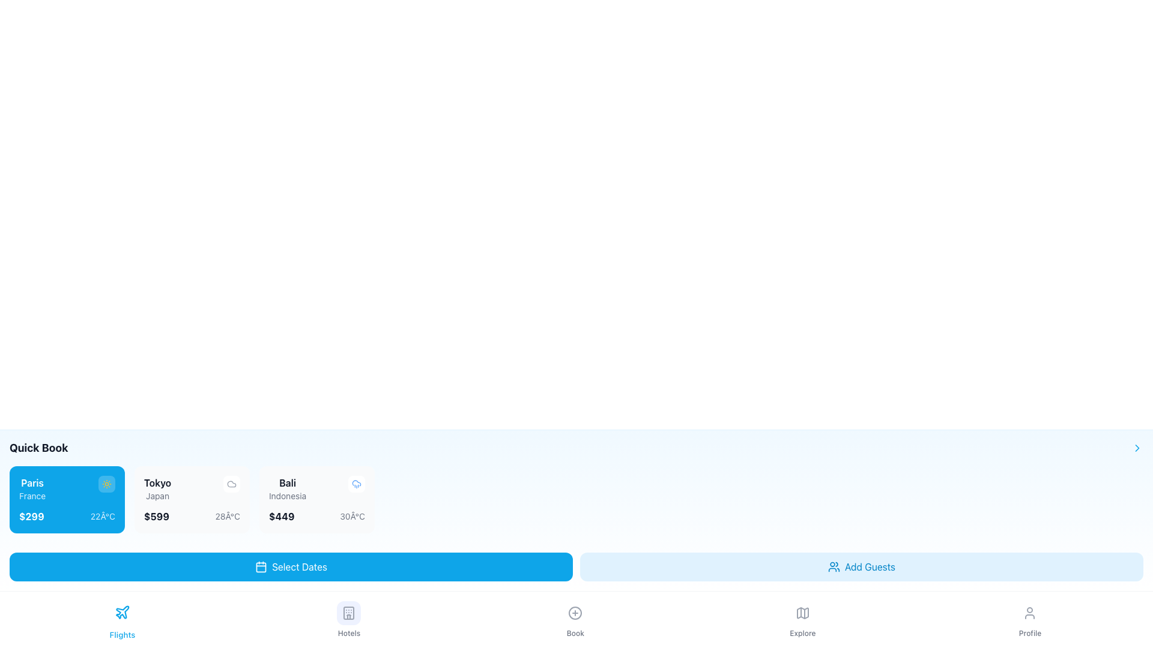 The width and height of the screenshot is (1153, 648). Describe the element at coordinates (348, 620) in the screenshot. I see `the Hotels navigation button located in the bottom navigation bar, which is the second icon from the left` at that location.